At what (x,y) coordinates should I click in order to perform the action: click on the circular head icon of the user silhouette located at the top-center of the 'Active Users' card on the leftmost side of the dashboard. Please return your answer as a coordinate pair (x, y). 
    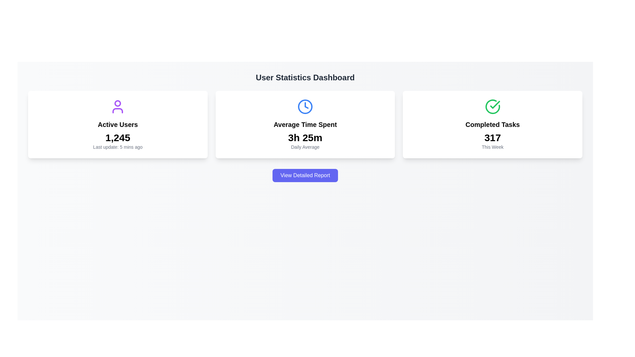
    Looking at the image, I should click on (118, 103).